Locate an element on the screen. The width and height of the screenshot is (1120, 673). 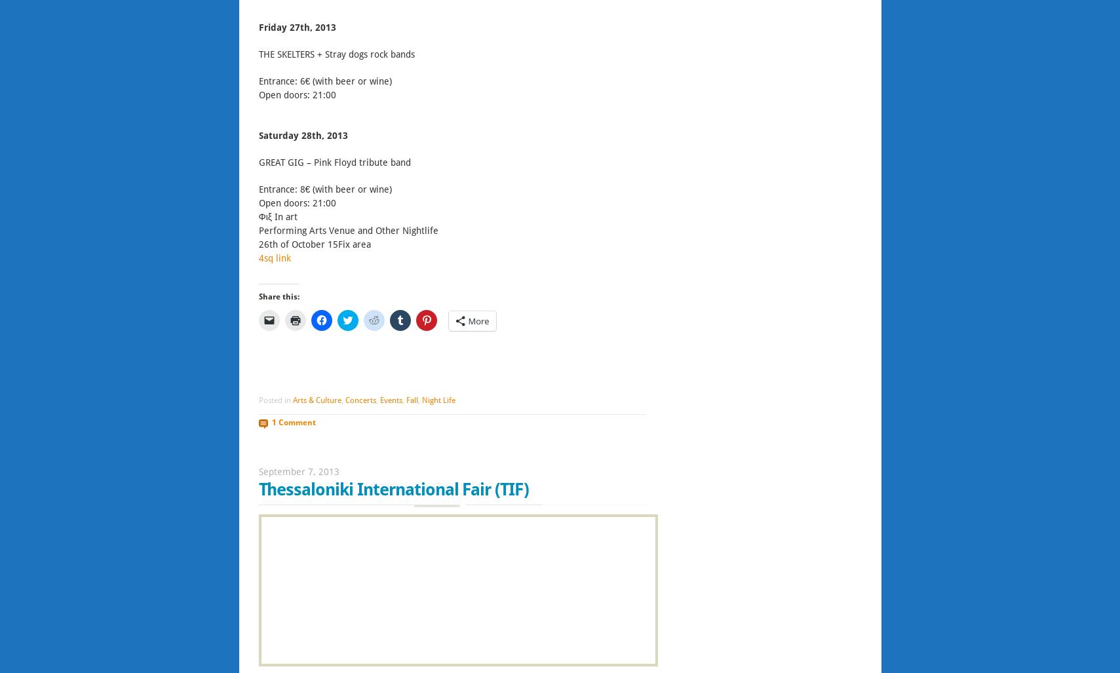
'Share this:' is located at coordinates (278, 297).